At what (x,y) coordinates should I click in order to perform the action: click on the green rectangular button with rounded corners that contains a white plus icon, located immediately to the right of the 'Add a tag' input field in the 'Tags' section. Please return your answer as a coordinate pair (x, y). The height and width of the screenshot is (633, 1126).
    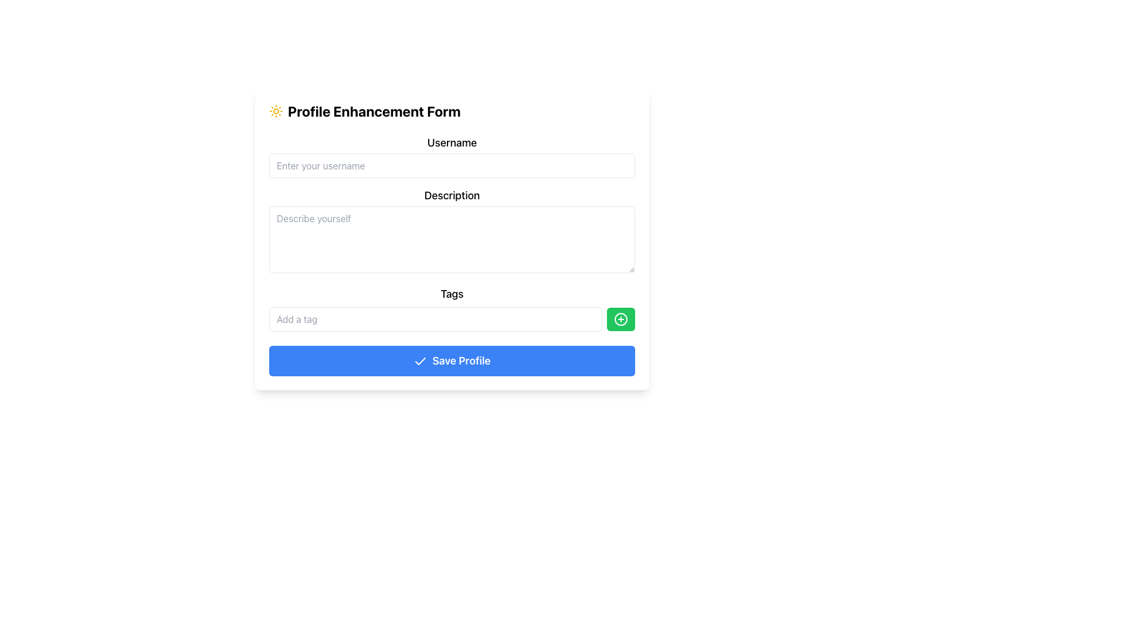
    Looking at the image, I should click on (620, 319).